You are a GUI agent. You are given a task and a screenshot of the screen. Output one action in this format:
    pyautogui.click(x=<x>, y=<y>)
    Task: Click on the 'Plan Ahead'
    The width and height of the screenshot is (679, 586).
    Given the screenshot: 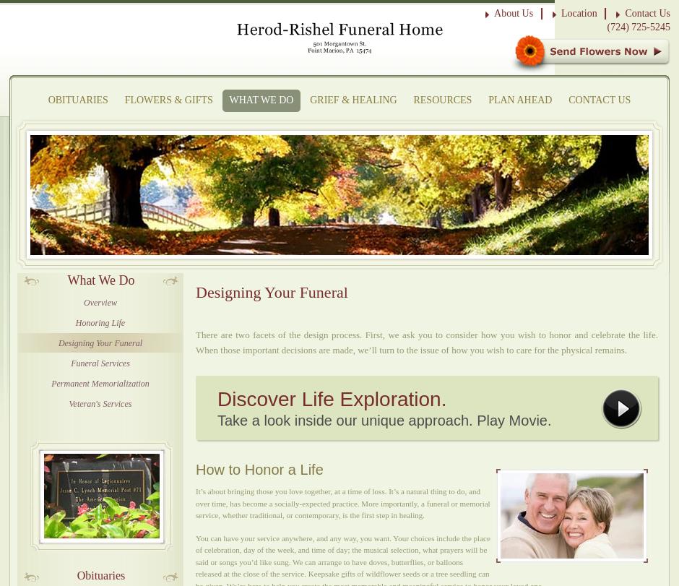 What is the action you would take?
    pyautogui.click(x=520, y=100)
    